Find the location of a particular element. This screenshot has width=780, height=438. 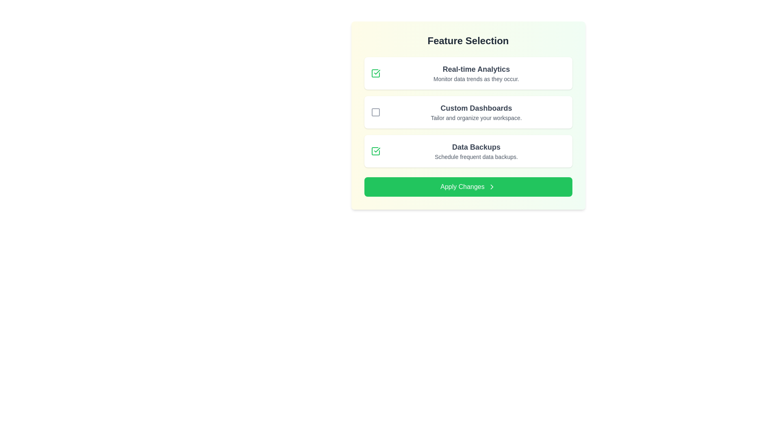

the text label displaying 'Schedule frequent data backups.' which is positioned directly beneath the 'Data Backups' text in the interface is located at coordinates (476, 157).